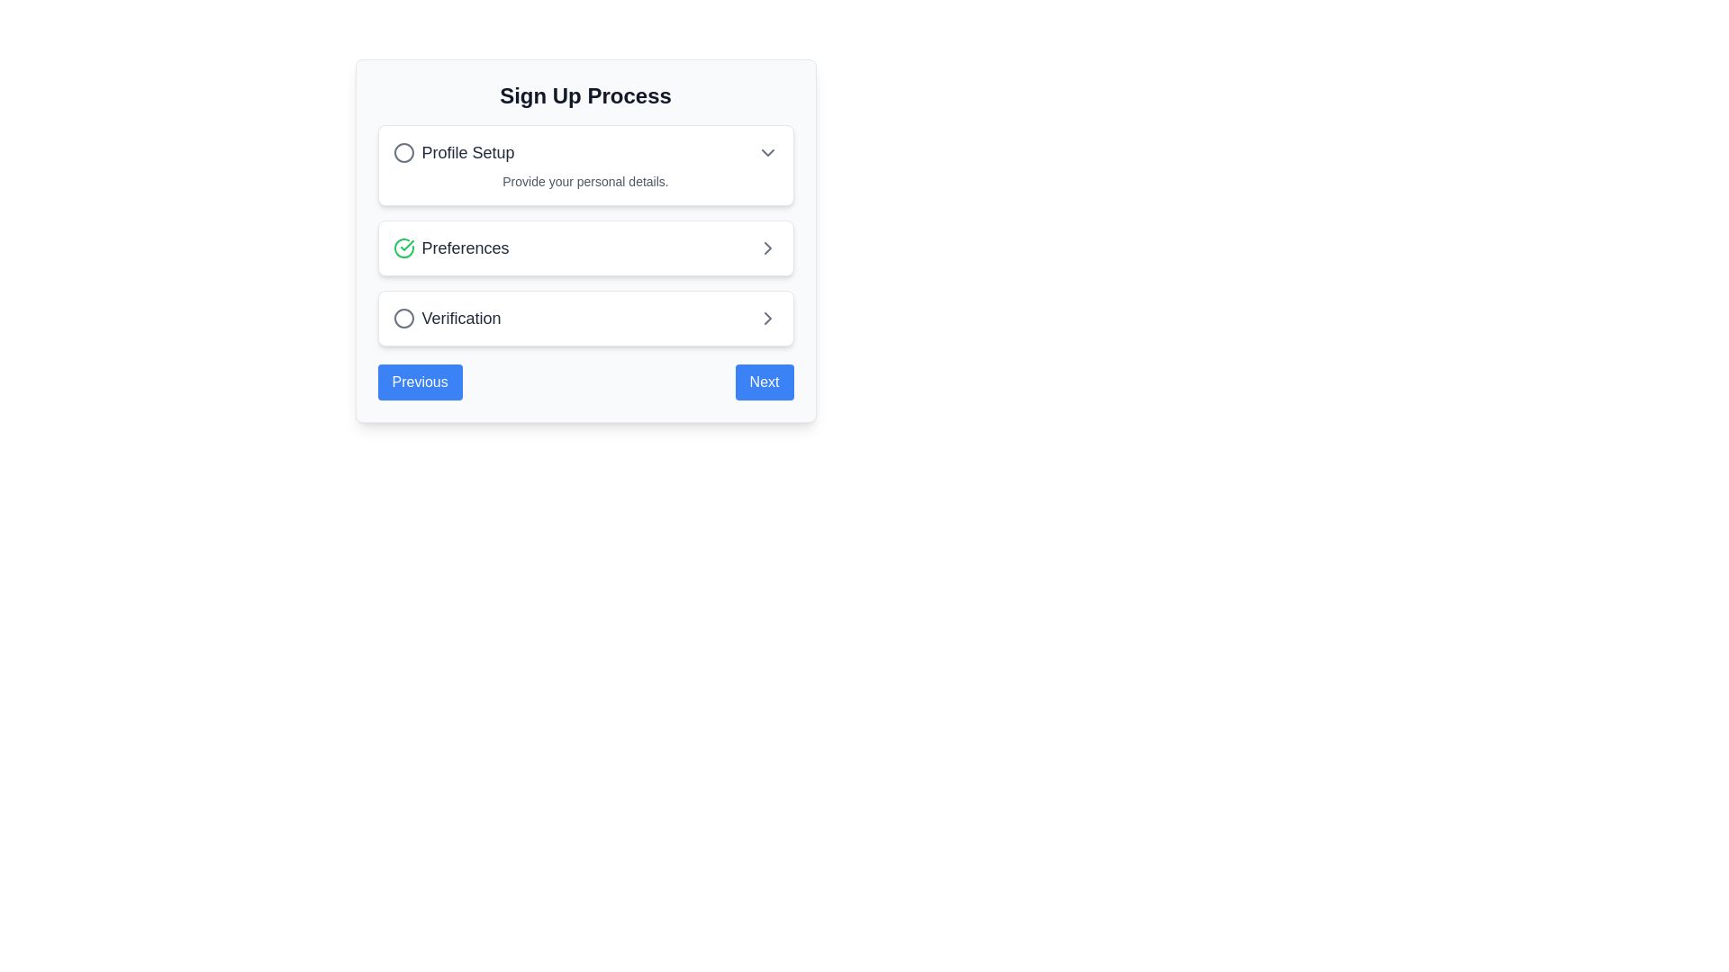 This screenshot has height=972, width=1729. I want to click on the green check mark icon part of the second option 'Preferences' in the 'Sign Up Process' interface, so click(405, 246).